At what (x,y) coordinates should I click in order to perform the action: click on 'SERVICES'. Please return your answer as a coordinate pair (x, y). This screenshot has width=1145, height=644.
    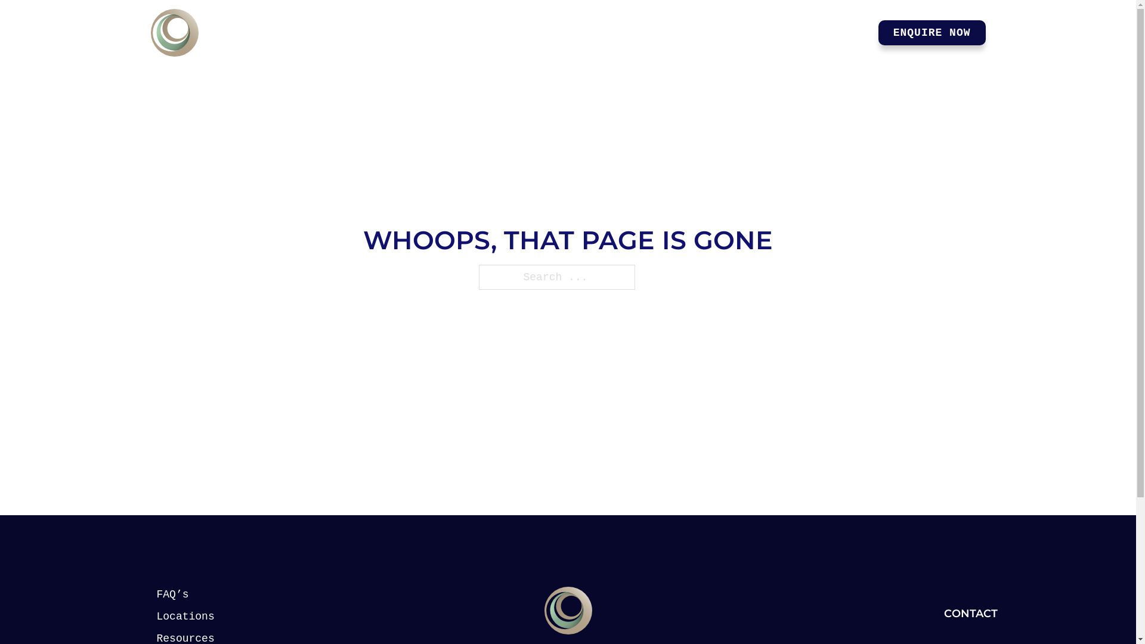
    Looking at the image, I should click on (589, 32).